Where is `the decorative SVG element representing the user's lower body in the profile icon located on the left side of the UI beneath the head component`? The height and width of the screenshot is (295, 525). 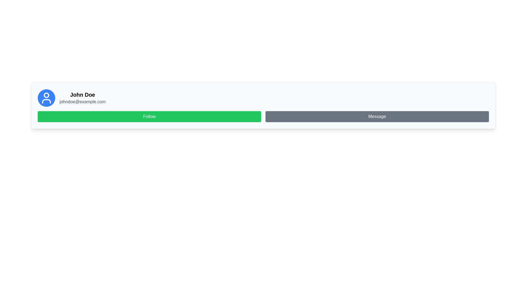
the decorative SVG element representing the user's lower body in the profile icon located on the left side of the UI beneath the head component is located at coordinates (46, 101).